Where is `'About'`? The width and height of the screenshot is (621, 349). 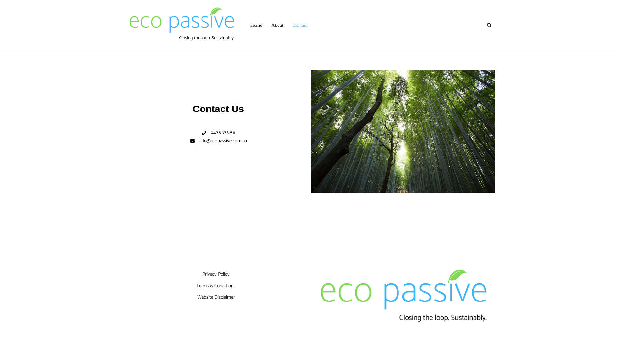 'About' is located at coordinates (278, 25).